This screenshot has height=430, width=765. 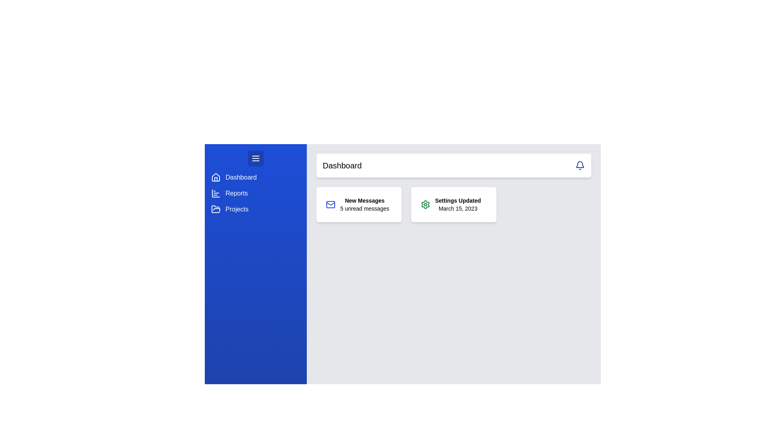 I want to click on the interactive date text displaying 'March 15, 2023', which is located below the 'Settings Updated' text within its card, so click(x=458, y=208).